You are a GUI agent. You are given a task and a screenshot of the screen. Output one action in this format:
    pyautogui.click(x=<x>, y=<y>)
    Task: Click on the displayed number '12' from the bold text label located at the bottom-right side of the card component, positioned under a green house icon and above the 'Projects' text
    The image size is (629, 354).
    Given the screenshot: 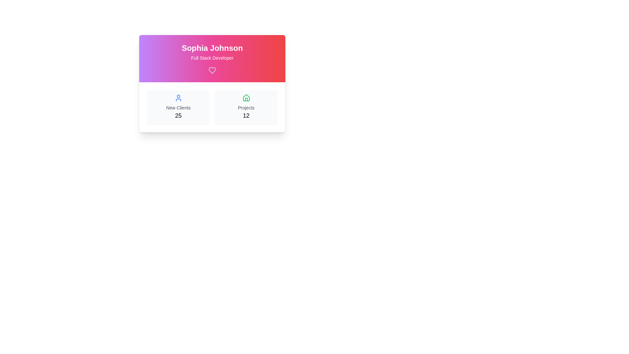 What is the action you would take?
    pyautogui.click(x=246, y=115)
    